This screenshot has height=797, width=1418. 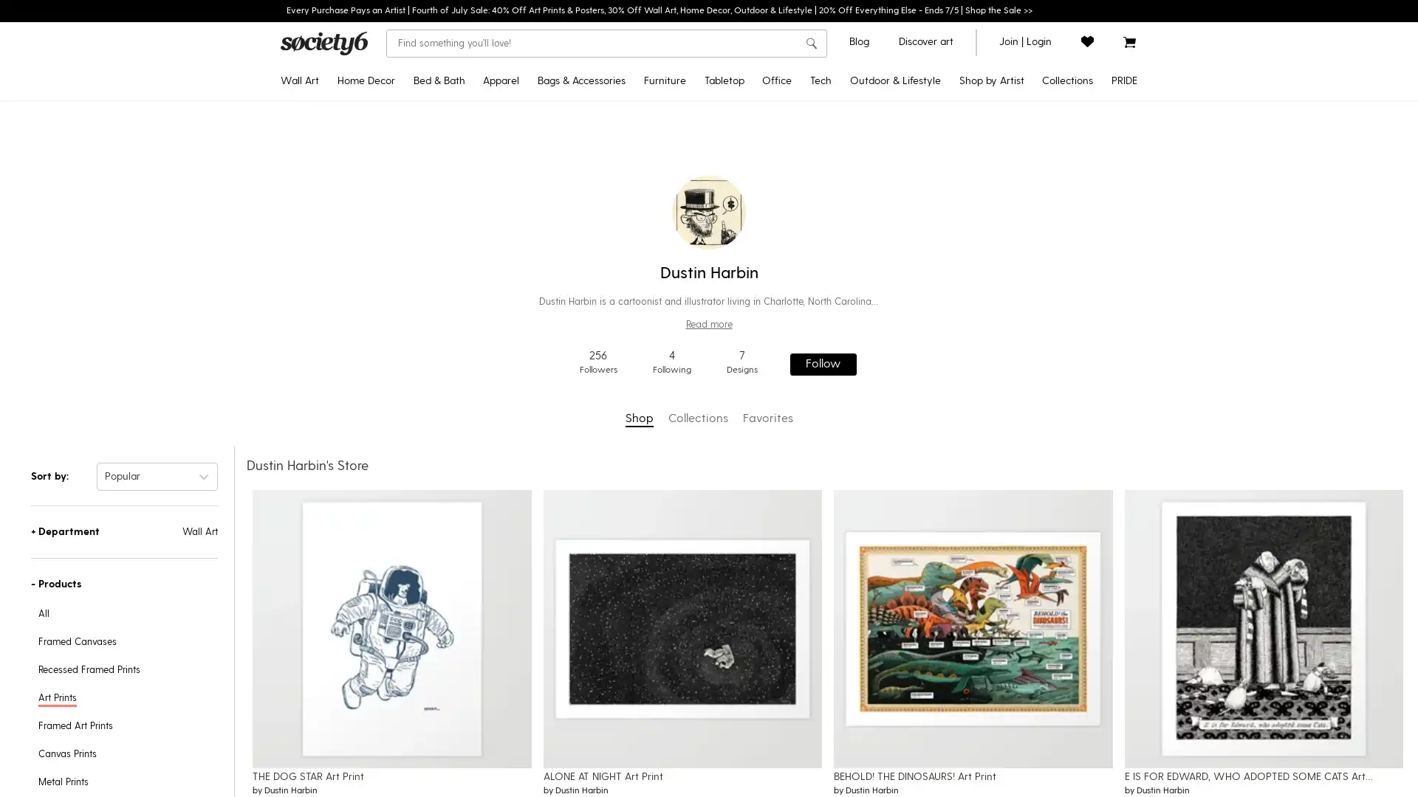 I want to click on Mini Art Prints, so click(x=347, y=379).